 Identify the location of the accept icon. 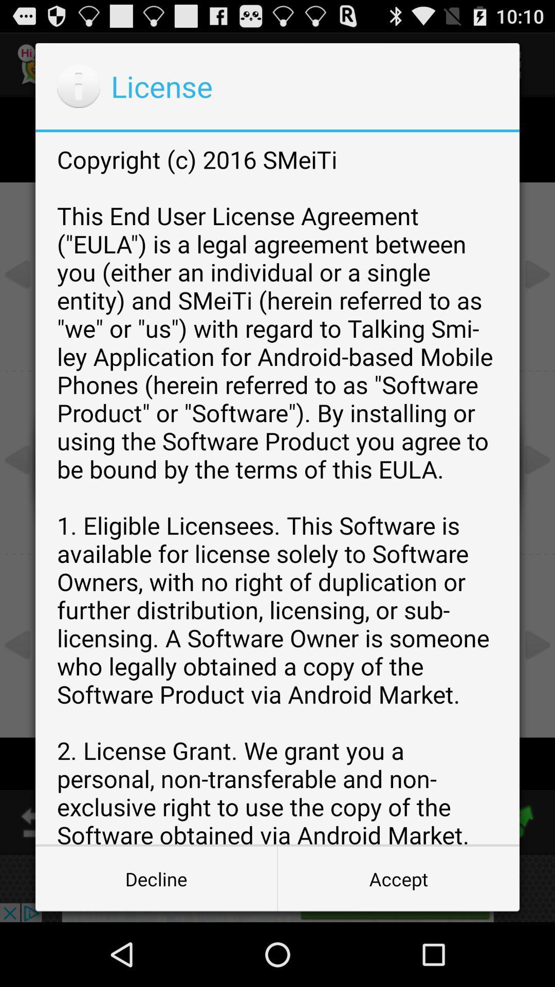
(398, 878).